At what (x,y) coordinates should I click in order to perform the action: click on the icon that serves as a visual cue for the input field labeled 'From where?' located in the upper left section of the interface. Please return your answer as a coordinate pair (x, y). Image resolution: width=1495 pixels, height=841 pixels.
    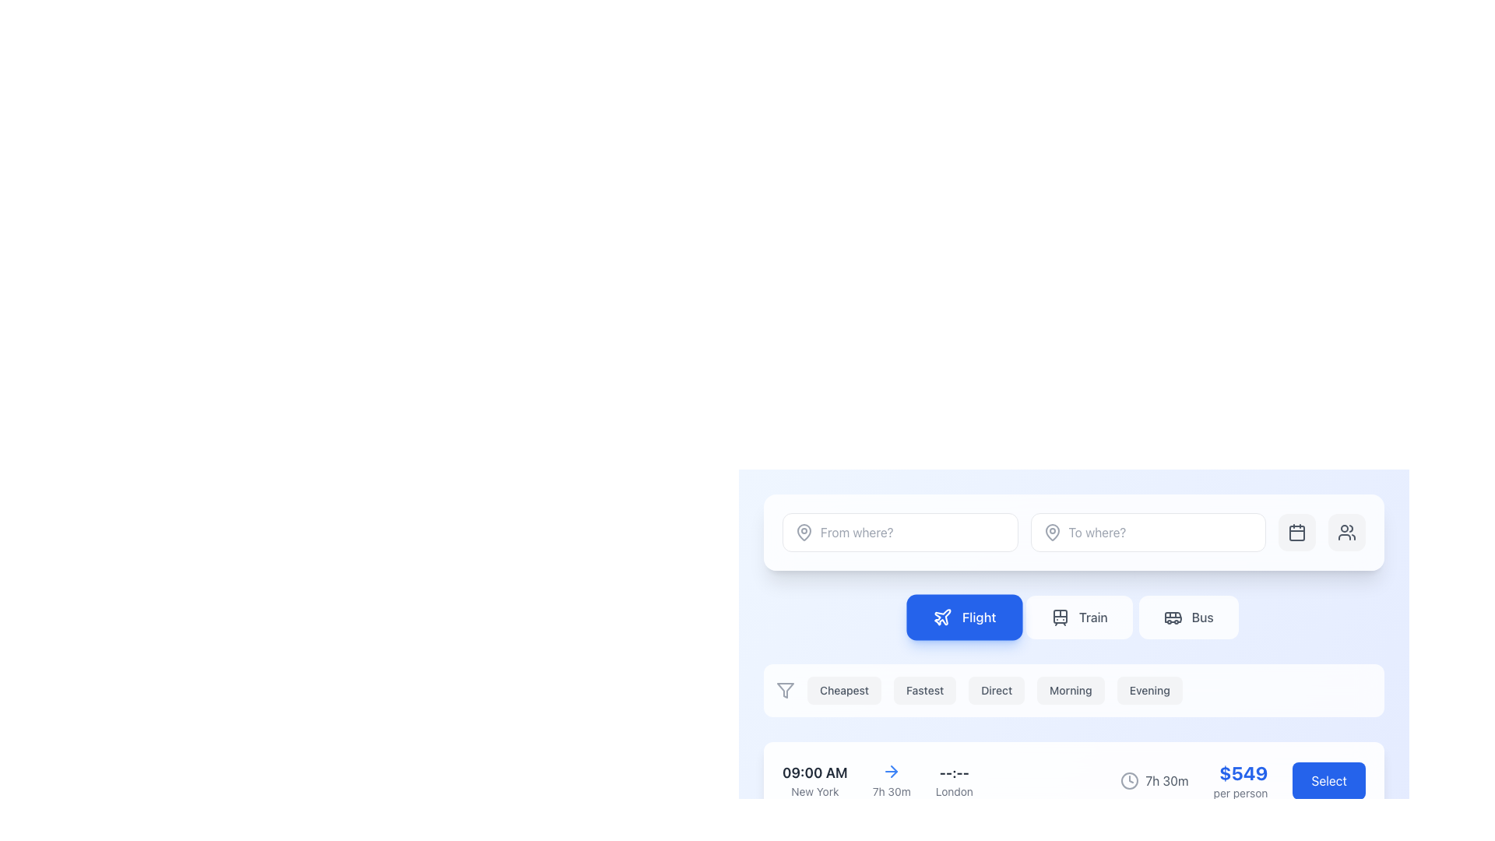
    Looking at the image, I should click on (804, 530).